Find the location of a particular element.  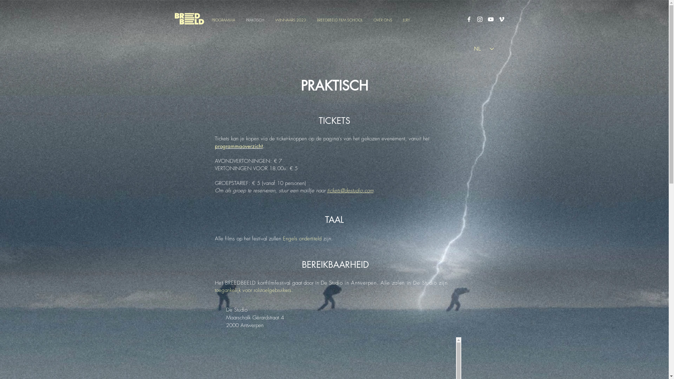

'JURY' is located at coordinates (406, 19).